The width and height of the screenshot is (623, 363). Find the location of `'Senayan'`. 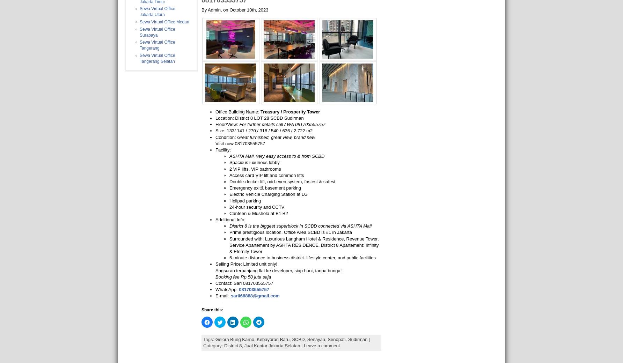

'Senayan' is located at coordinates (316, 339).